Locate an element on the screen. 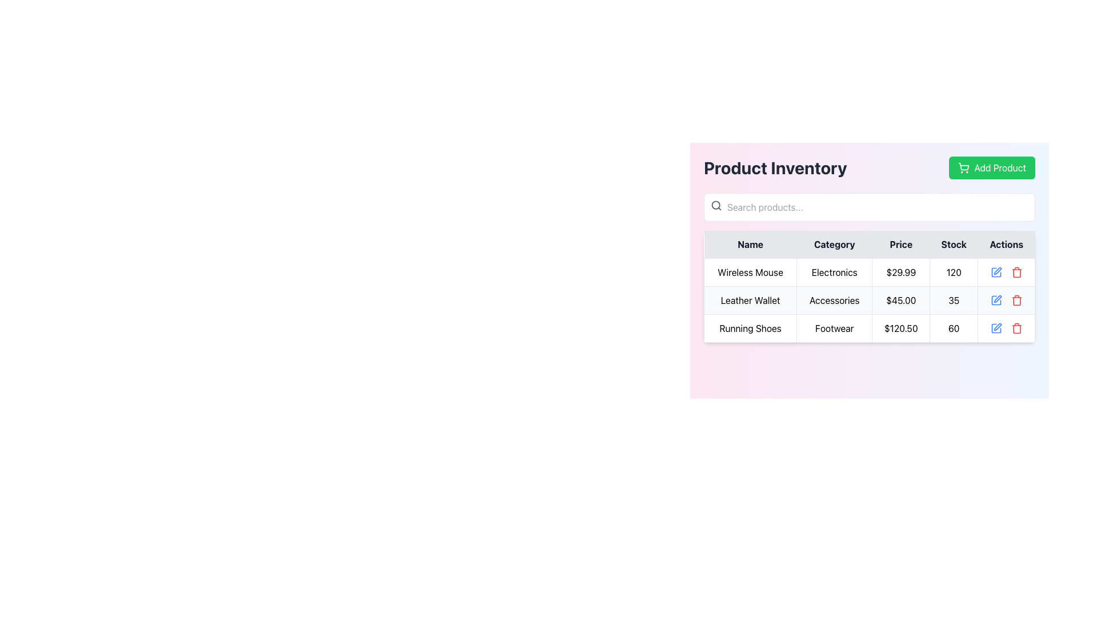  the static text label displaying 'Wireless Mouse', which is located in the first row of the table under the 'Name' column is located at coordinates (750, 273).